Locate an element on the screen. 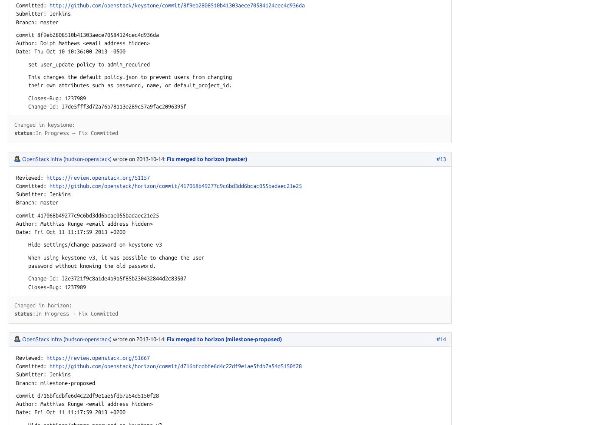  'Change-Id: I7de5fff3d72a76' is located at coordinates (61, 106).